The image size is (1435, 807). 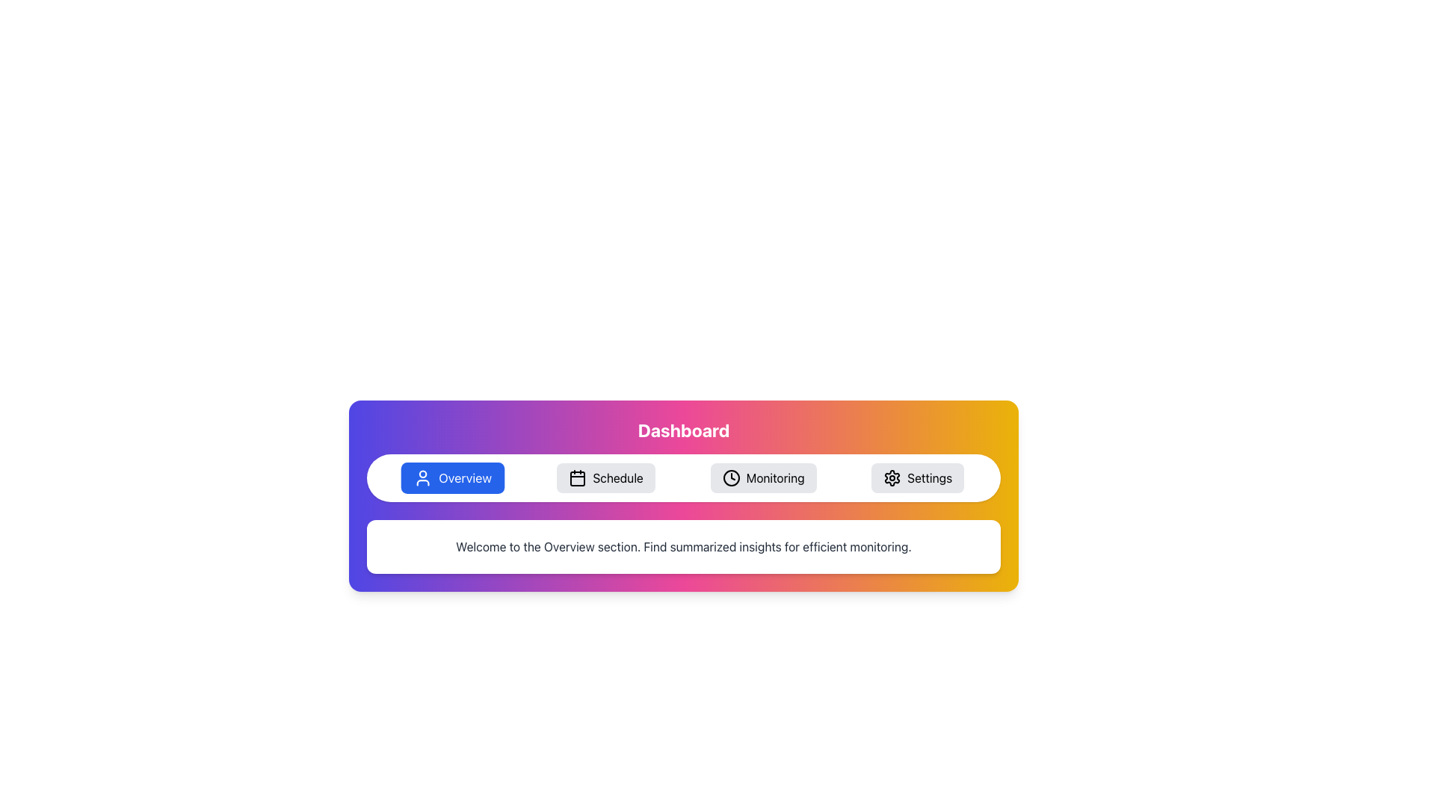 I want to click on the 'Monitoring' button, which contains an SVG icon to the left of the text 'Monitoring', so click(x=731, y=478).